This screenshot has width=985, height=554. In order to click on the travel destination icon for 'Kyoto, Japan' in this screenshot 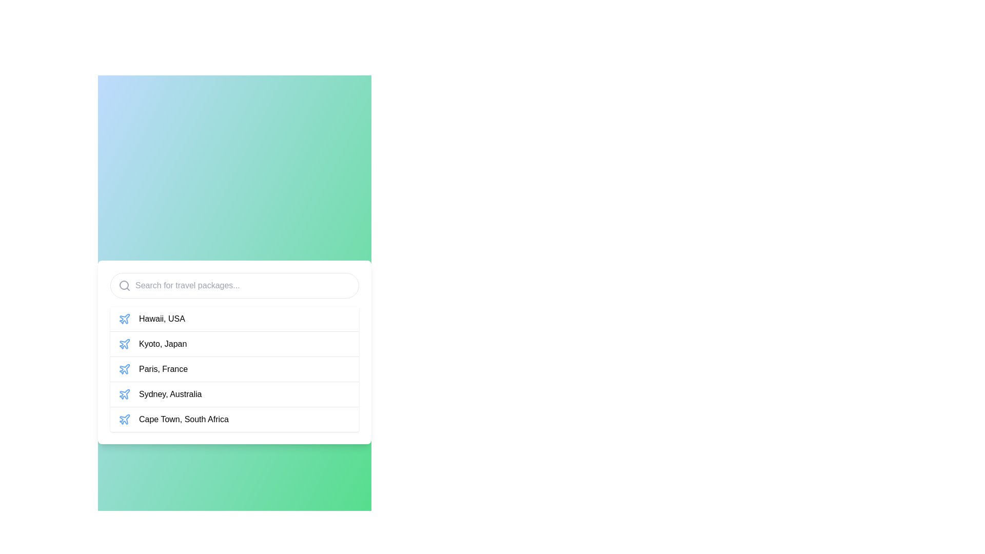, I will do `click(124, 344)`.